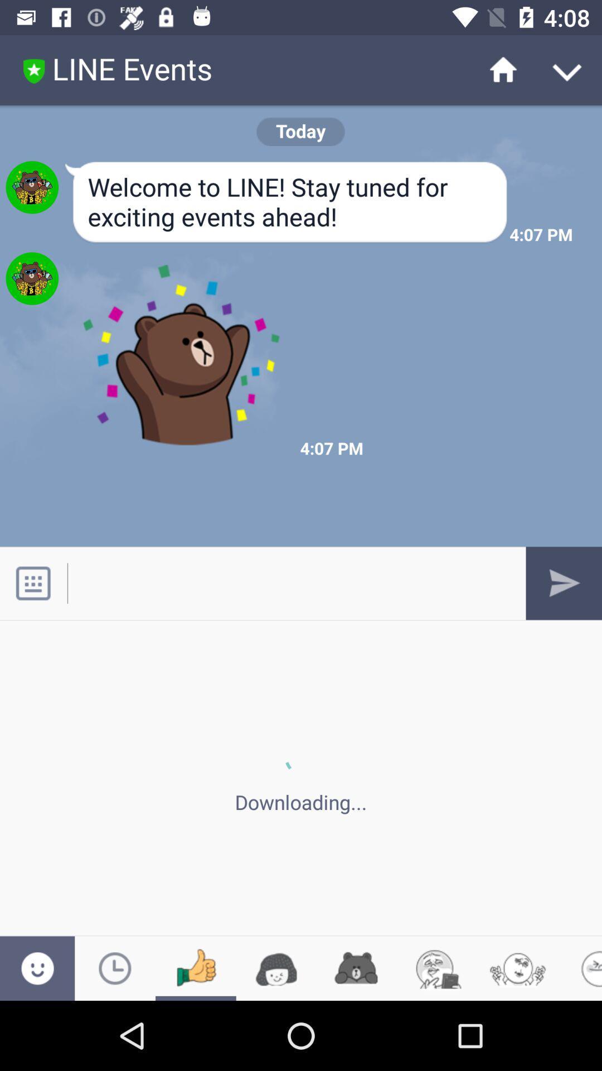 The height and width of the screenshot is (1071, 602). What do you see at coordinates (437, 968) in the screenshot?
I see `sixth icon from bottom left` at bounding box center [437, 968].